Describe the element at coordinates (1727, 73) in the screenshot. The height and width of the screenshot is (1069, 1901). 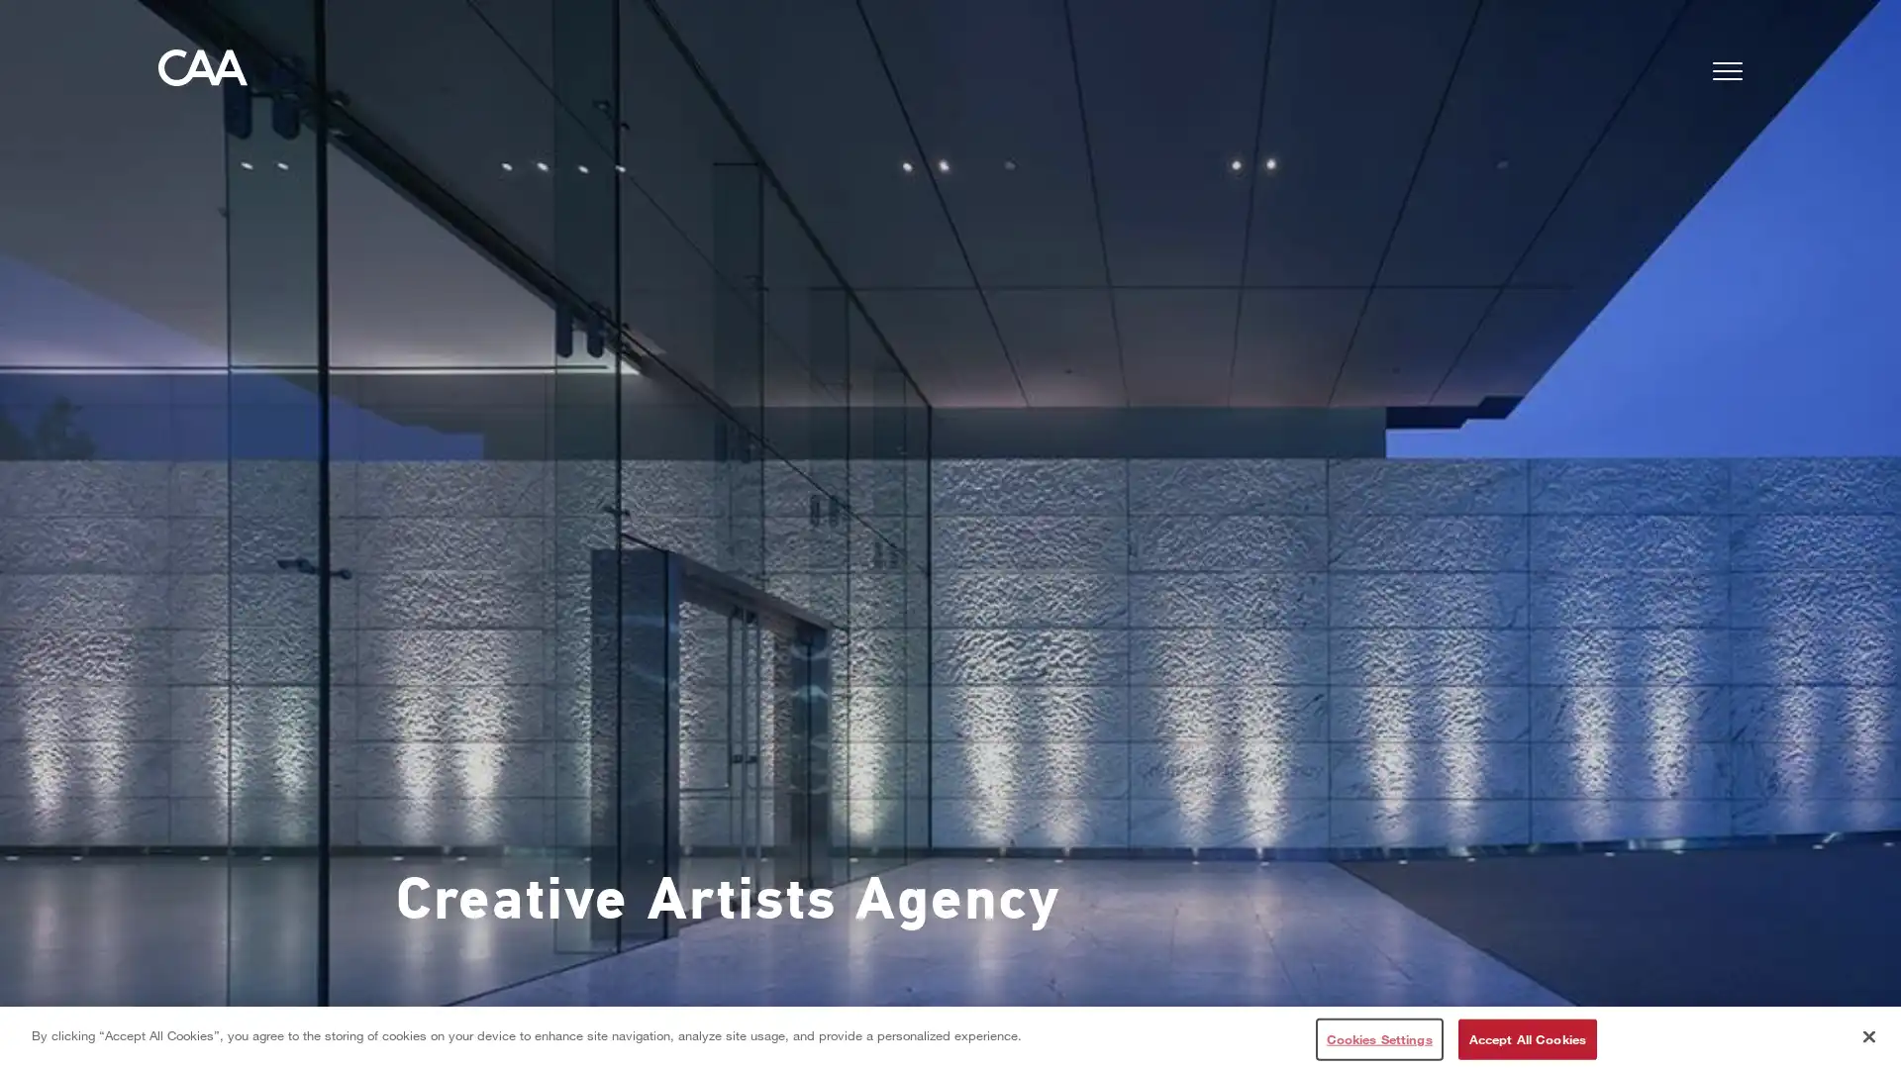
I see `Menu` at that location.